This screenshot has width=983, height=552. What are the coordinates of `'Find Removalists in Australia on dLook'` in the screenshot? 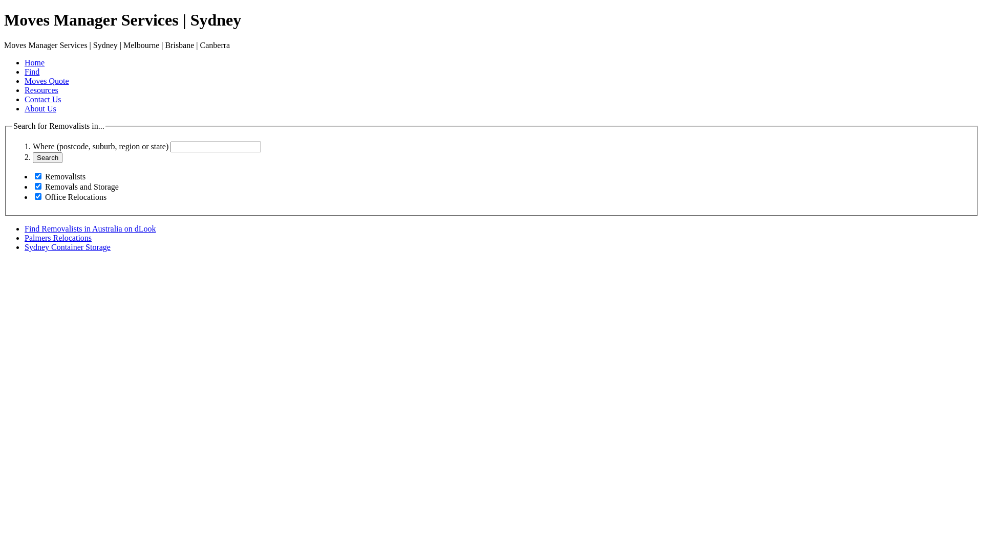 It's located at (90, 228).